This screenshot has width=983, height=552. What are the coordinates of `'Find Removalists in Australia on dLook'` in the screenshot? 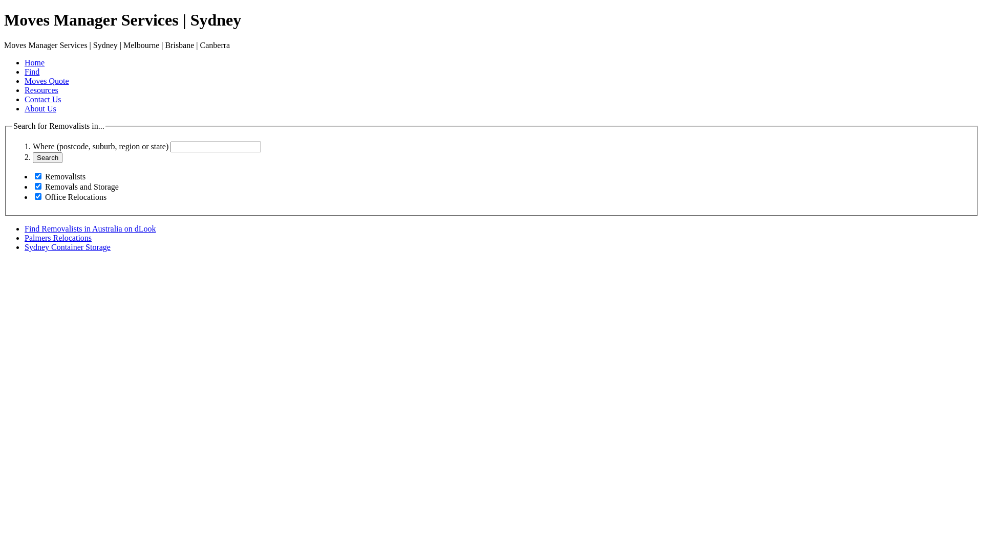 It's located at (90, 228).